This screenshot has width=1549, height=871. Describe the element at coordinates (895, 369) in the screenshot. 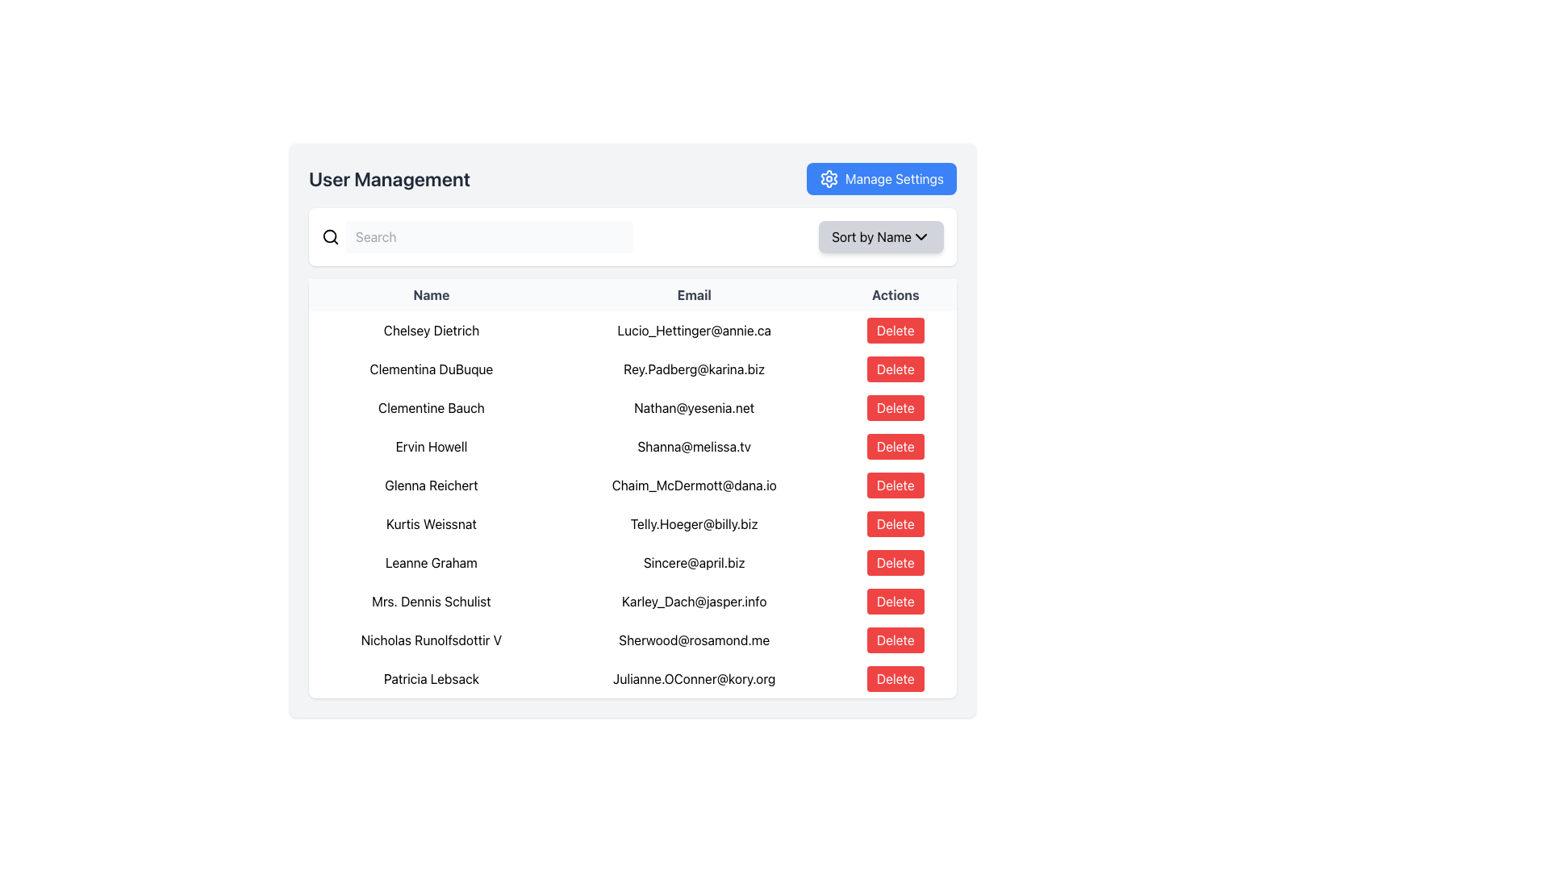

I see `the delete button located in the rightmost column of the table associated with the email 'Rey.Padberg@karina.biz'` at that location.